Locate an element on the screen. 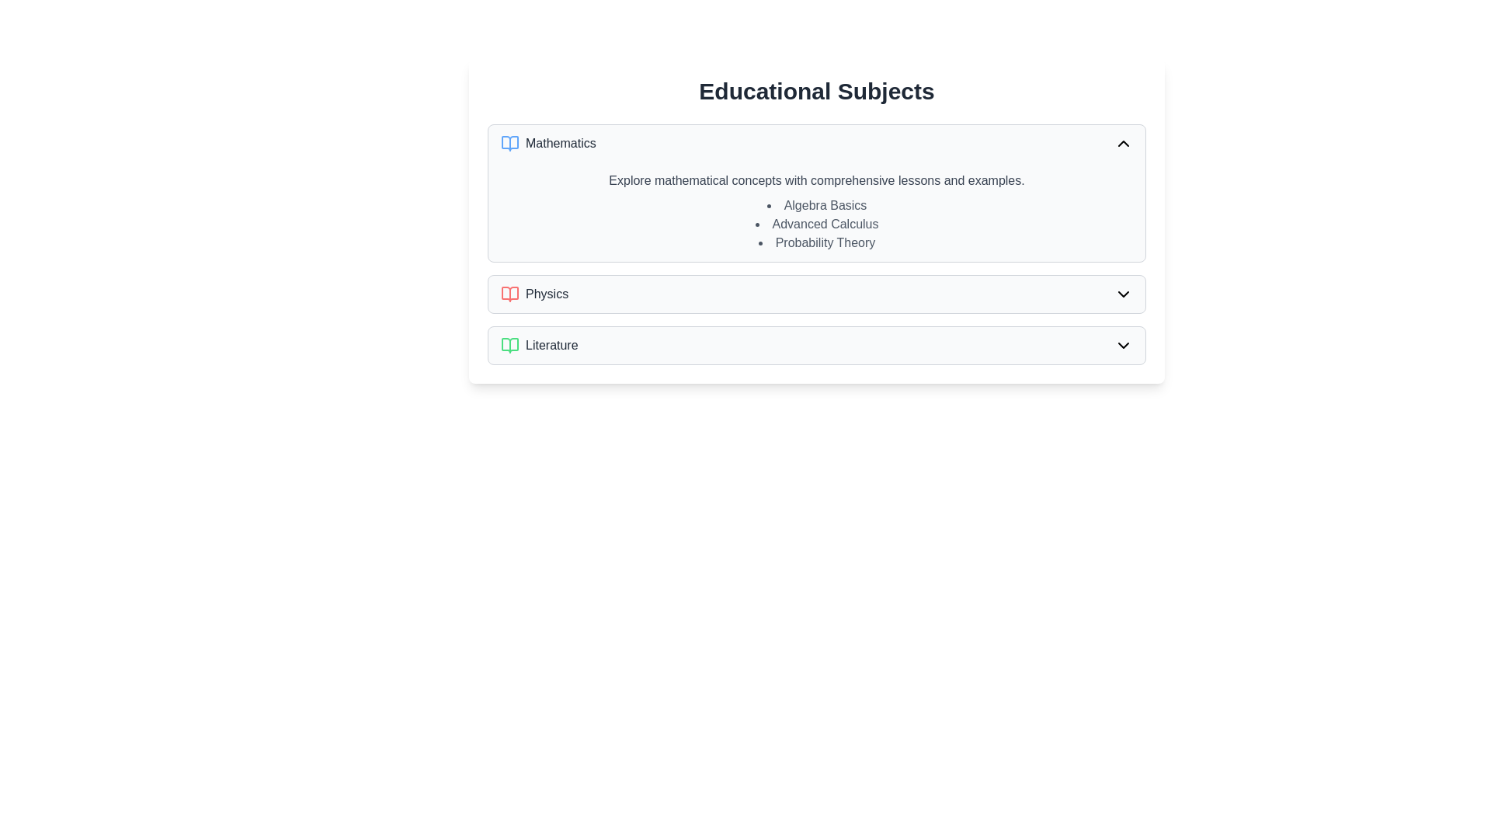 The height and width of the screenshot is (839, 1491). the button located at the far-right side of the 'Literature' row is located at coordinates (1123, 344).